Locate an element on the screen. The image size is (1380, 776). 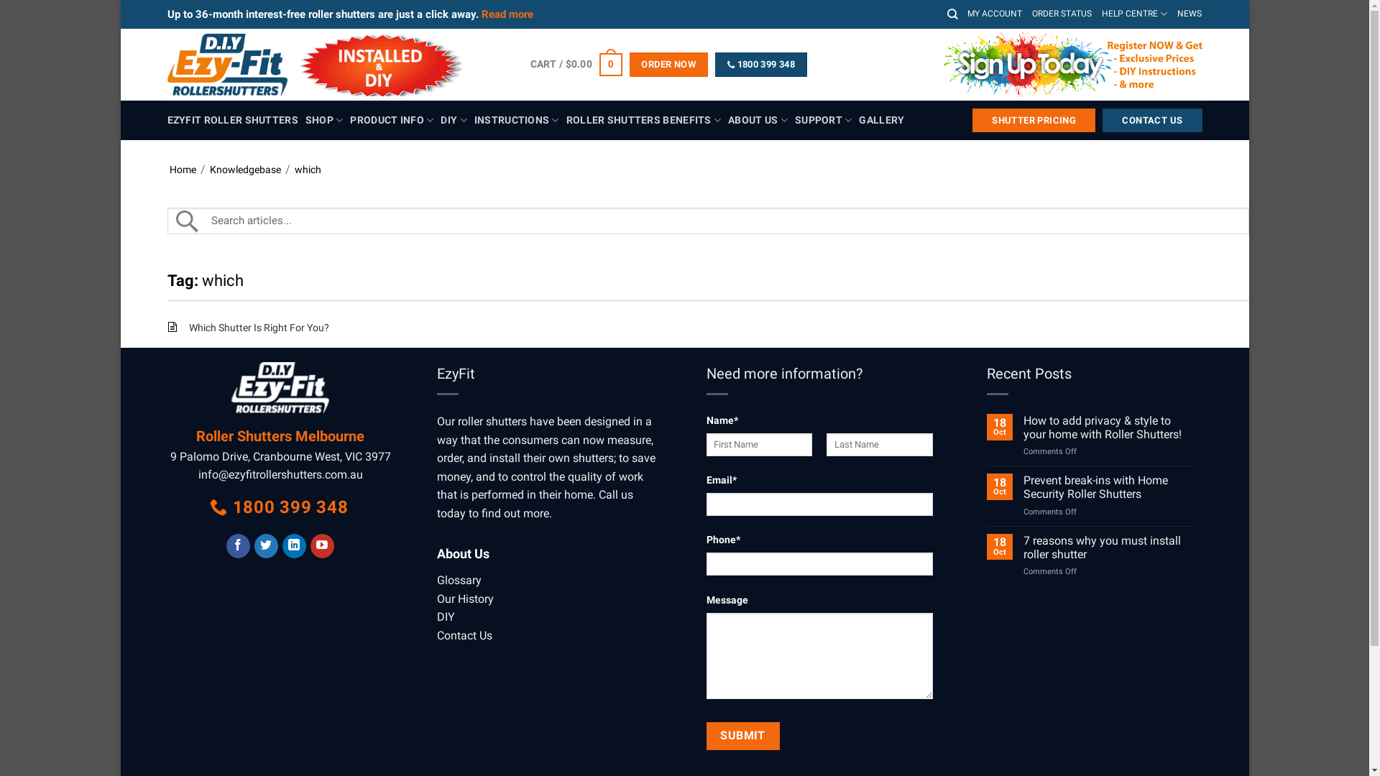
'Submit' is located at coordinates (742, 735).